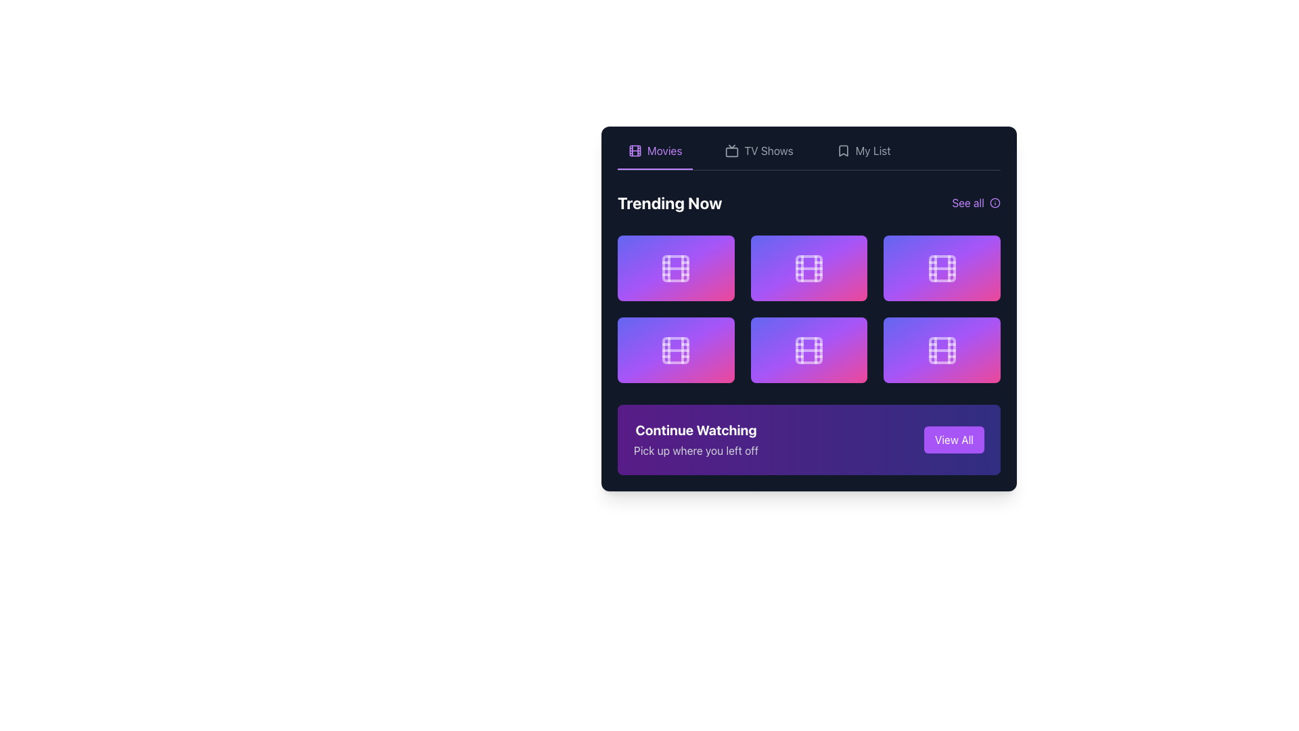 The height and width of the screenshot is (731, 1299). What do you see at coordinates (995, 203) in the screenshot?
I see `the circular information icon with an 'i' symbol` at bounding box center [995, 203].